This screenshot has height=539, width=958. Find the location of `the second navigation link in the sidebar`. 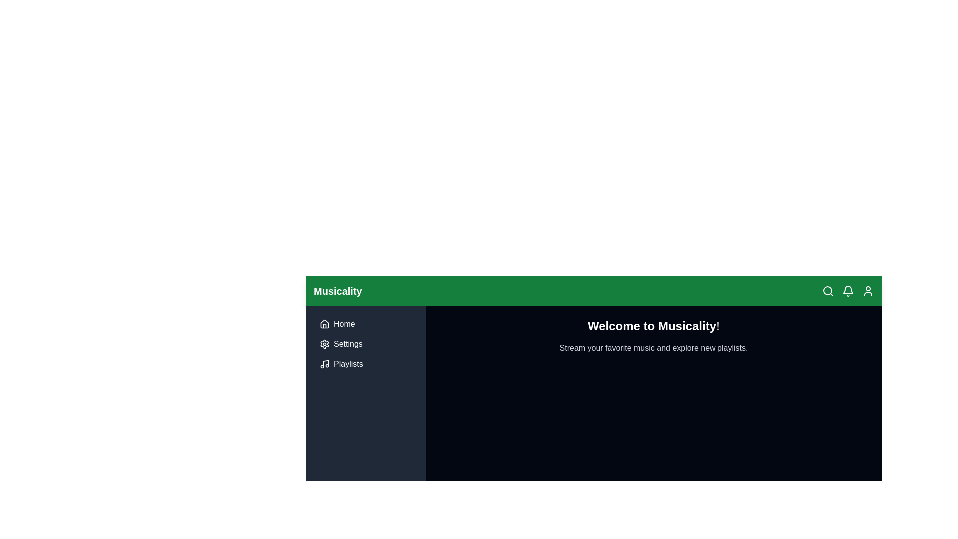

the second navigation link in the sidebar is located at coordinates (365, 344).